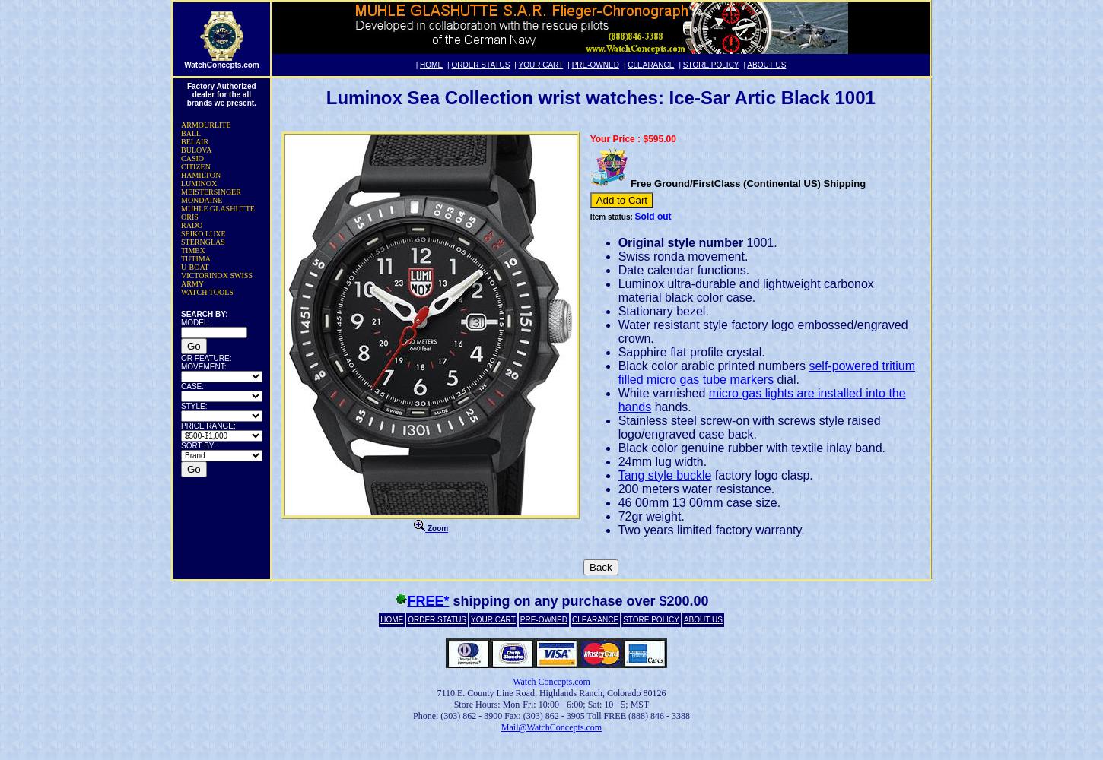  What do you see at coordinates (189, 217) in the screenshot?
I see `'ORIS'` at bounding box center [189, 217].